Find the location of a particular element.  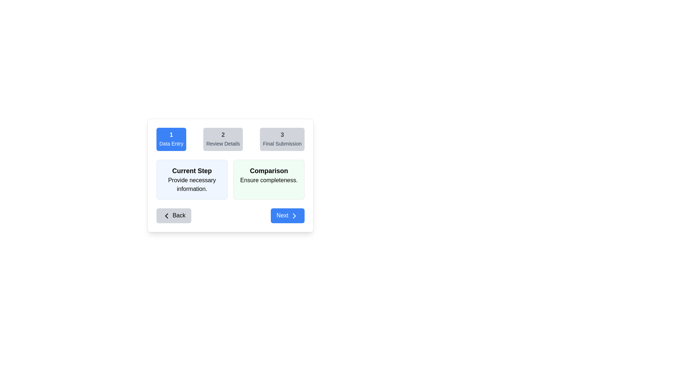

the non-interactive text label identifying the current phase of the process as 'Final Submission', which is positioned below the numeric '3' in the step interface is located at coordinates (282, 144).